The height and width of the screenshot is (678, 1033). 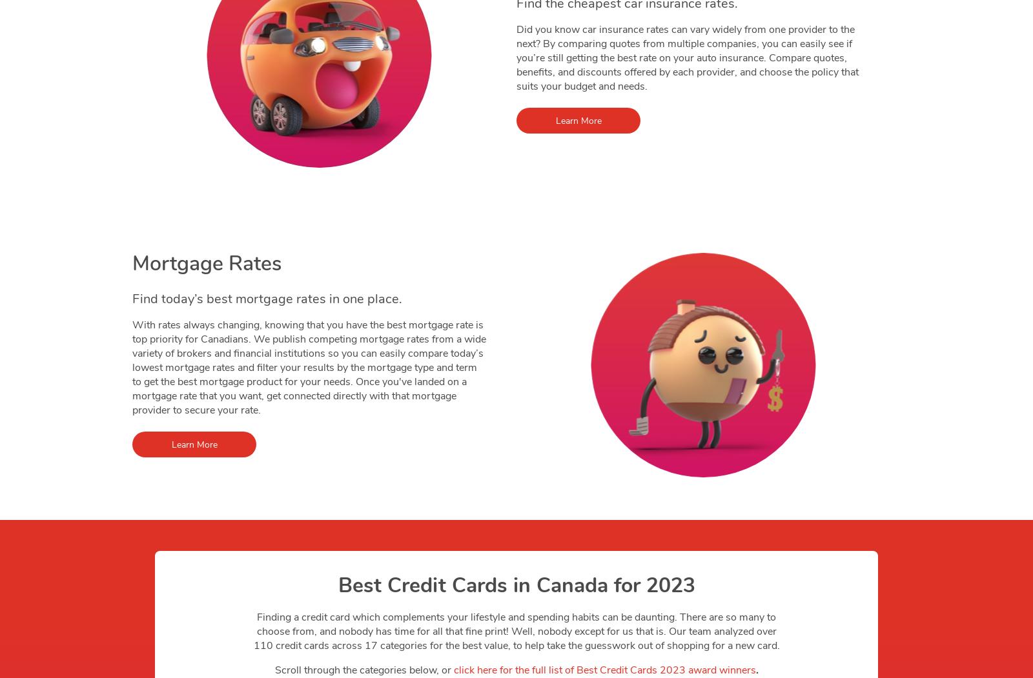 I want to click on '.', so click(x=757, y=670).